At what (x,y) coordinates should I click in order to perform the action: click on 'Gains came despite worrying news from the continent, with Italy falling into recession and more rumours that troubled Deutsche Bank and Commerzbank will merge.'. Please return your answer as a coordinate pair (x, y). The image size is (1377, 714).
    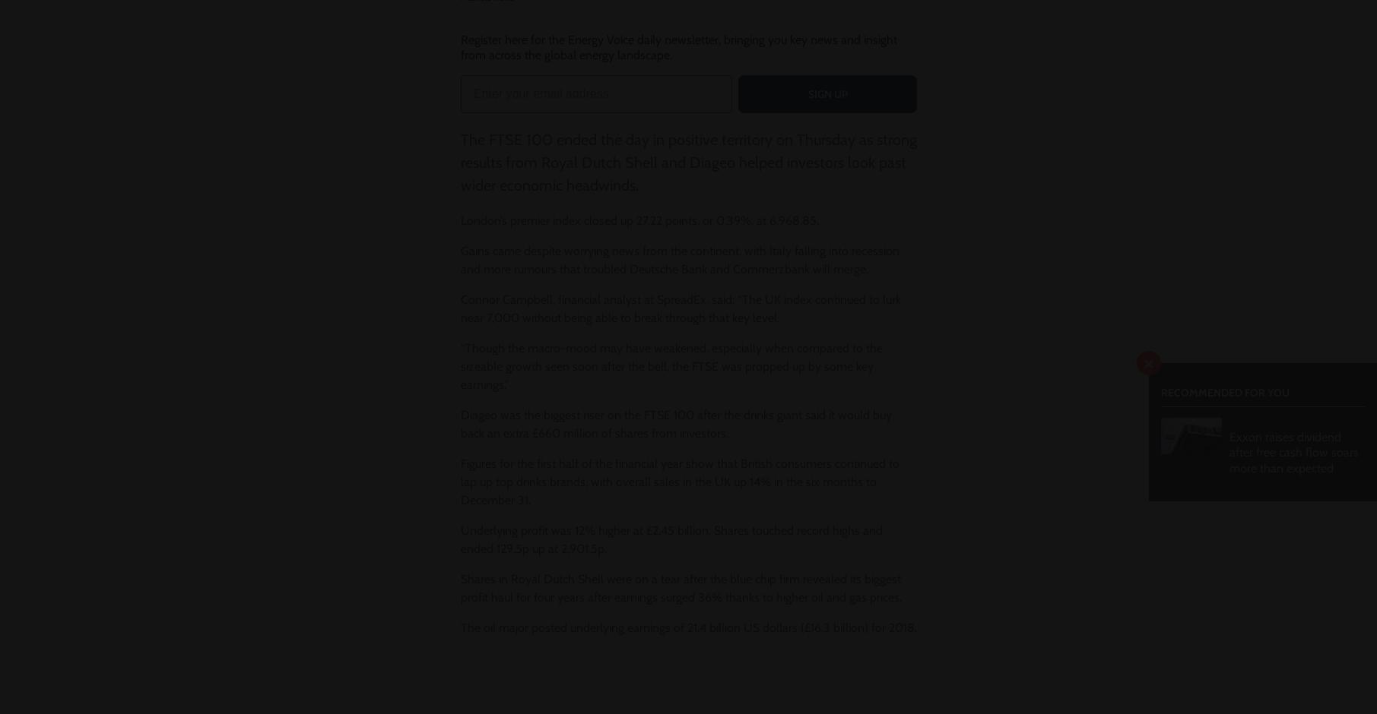
    Looking at the image, I should click on (460, 260).